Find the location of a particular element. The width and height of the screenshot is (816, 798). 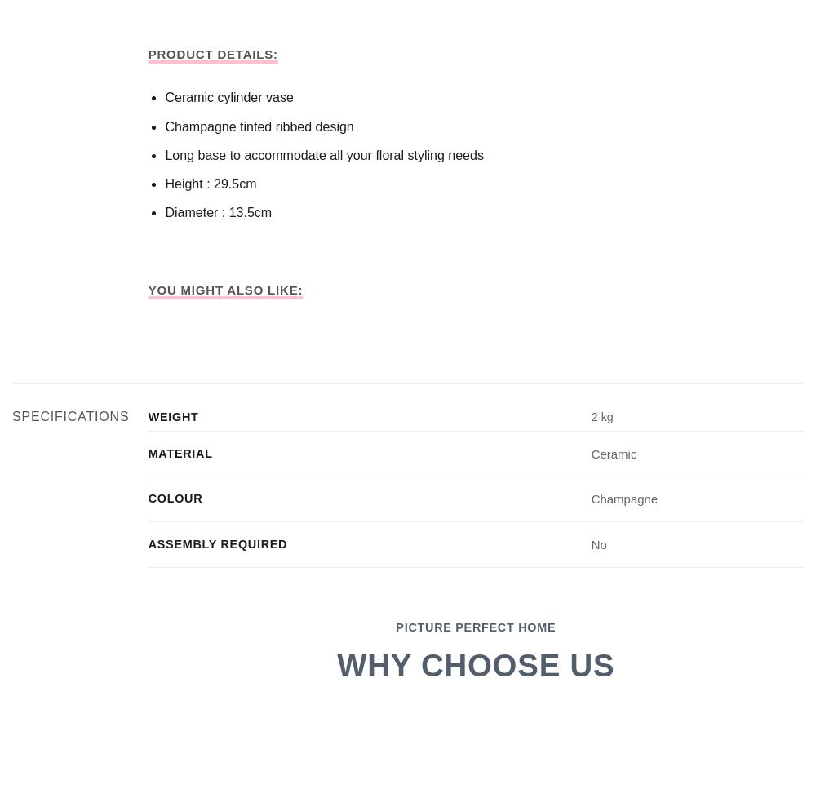

'Long base to accommodate all your floral styling needs' is located at coordinates (324, 154).